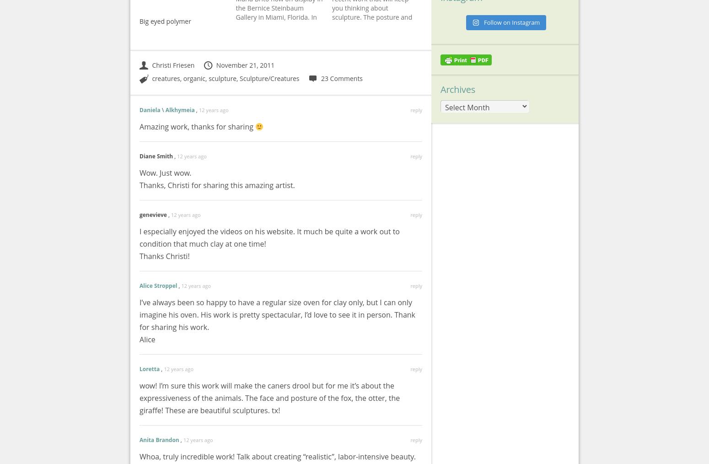  Describe the element at coordinates (511, 21) in the screenshot. I see `'Follow on Instagram'` at that location.